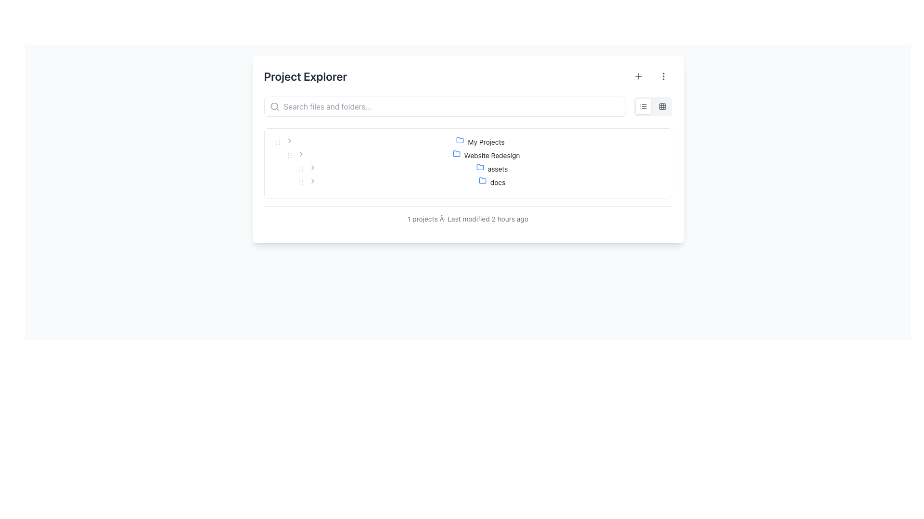  What do you see at coordinates (456, 153) in the screenshot?
I see `the folder icon representing the 'Website Redesign' project` at bounding box center [456, 153].